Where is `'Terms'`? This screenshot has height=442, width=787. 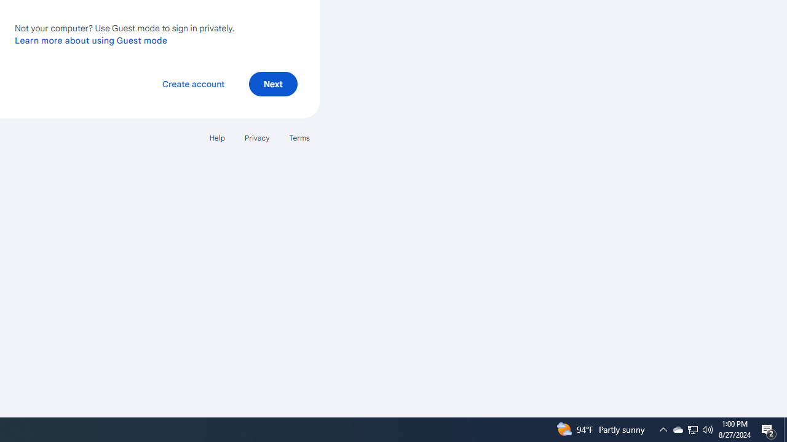 'Terms' is located at coordinates (299, 138).